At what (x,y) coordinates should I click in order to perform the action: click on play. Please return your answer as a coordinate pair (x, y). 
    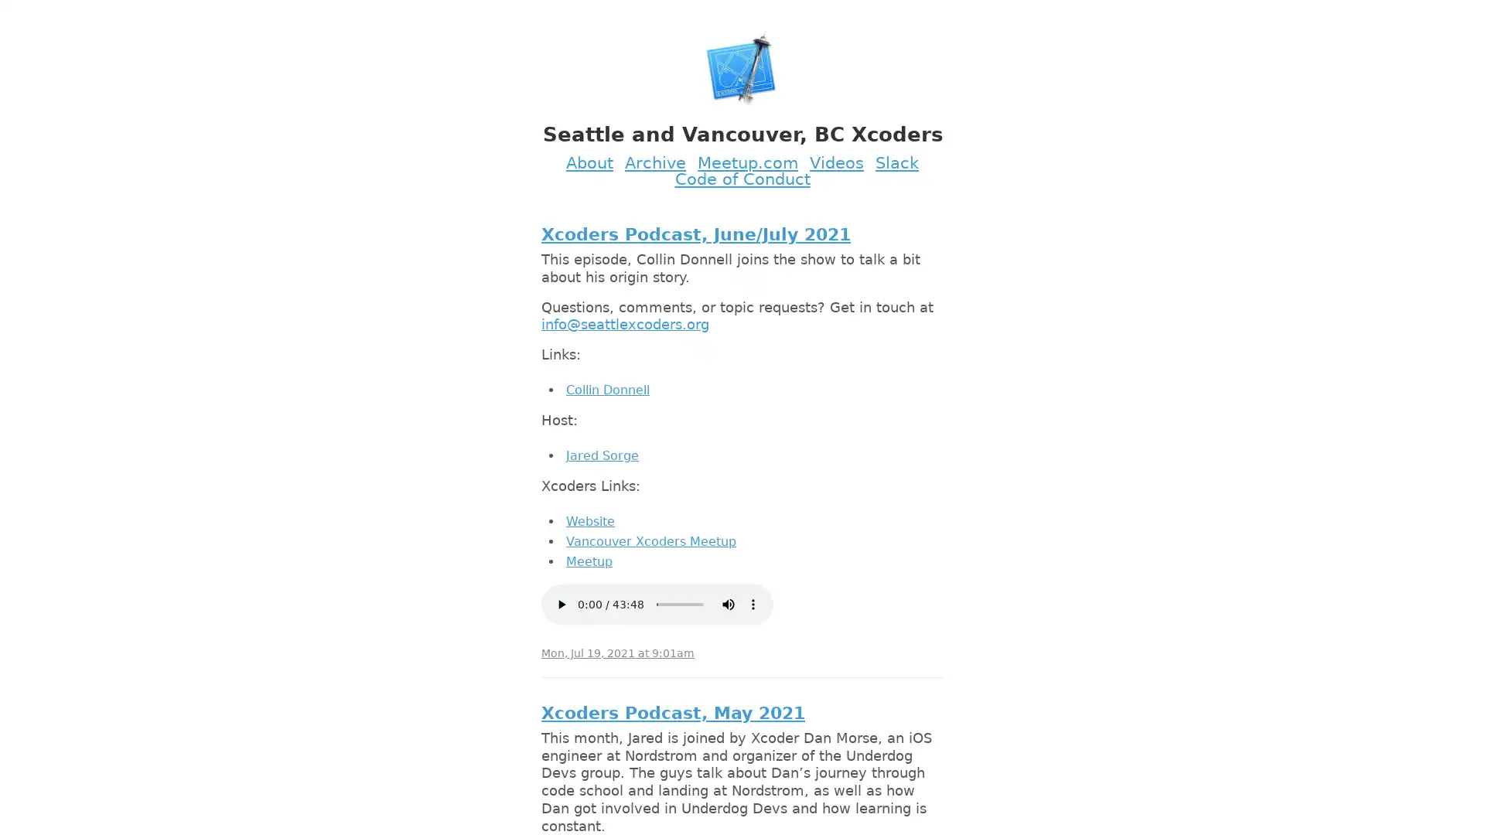
    Looking at the image, I should click on (560, 602).